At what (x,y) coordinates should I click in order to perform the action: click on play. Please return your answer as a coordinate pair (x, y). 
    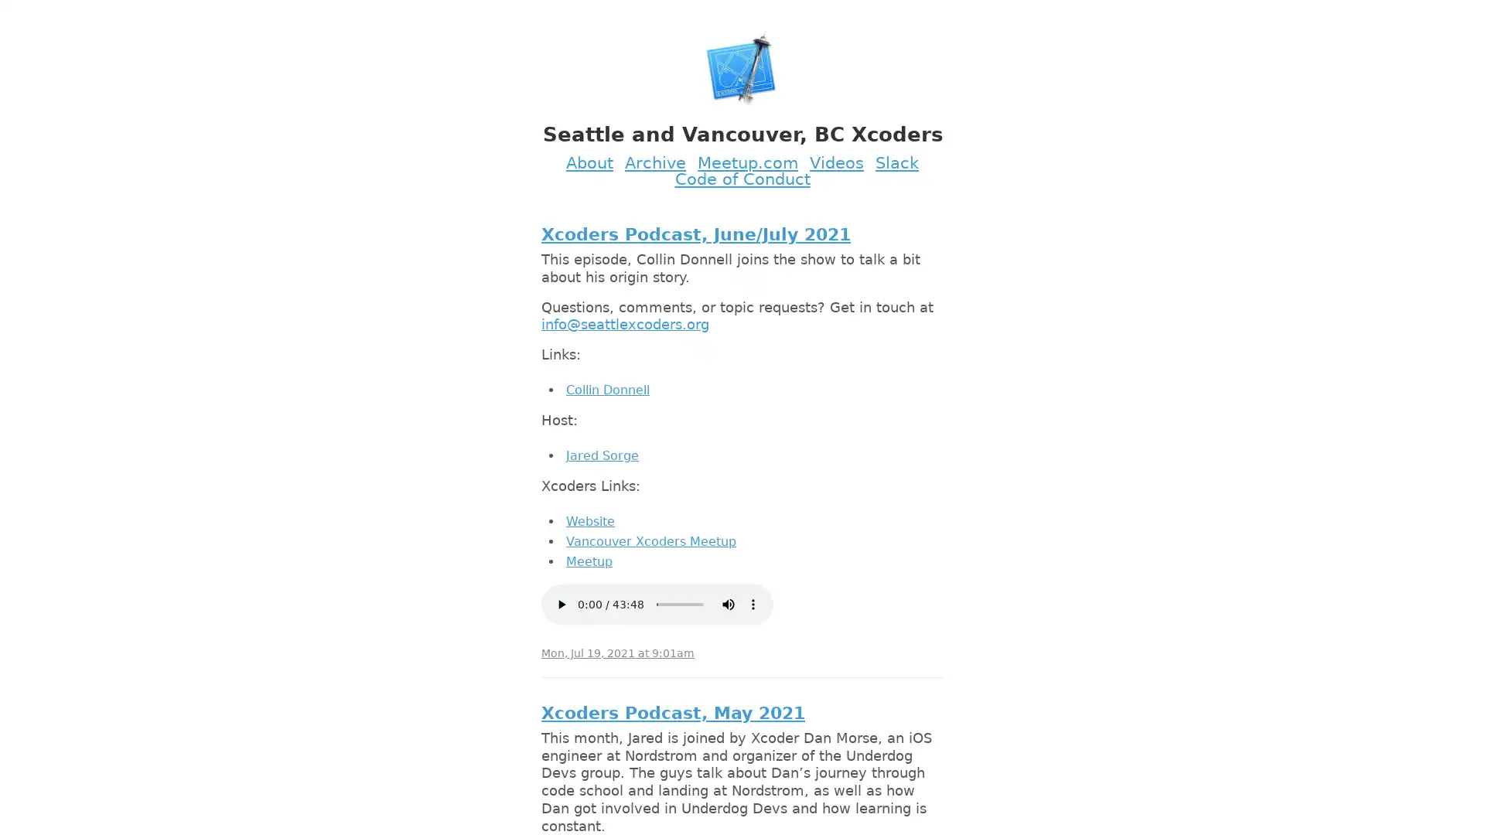
    Looking at the image, I should click on (560, 602).